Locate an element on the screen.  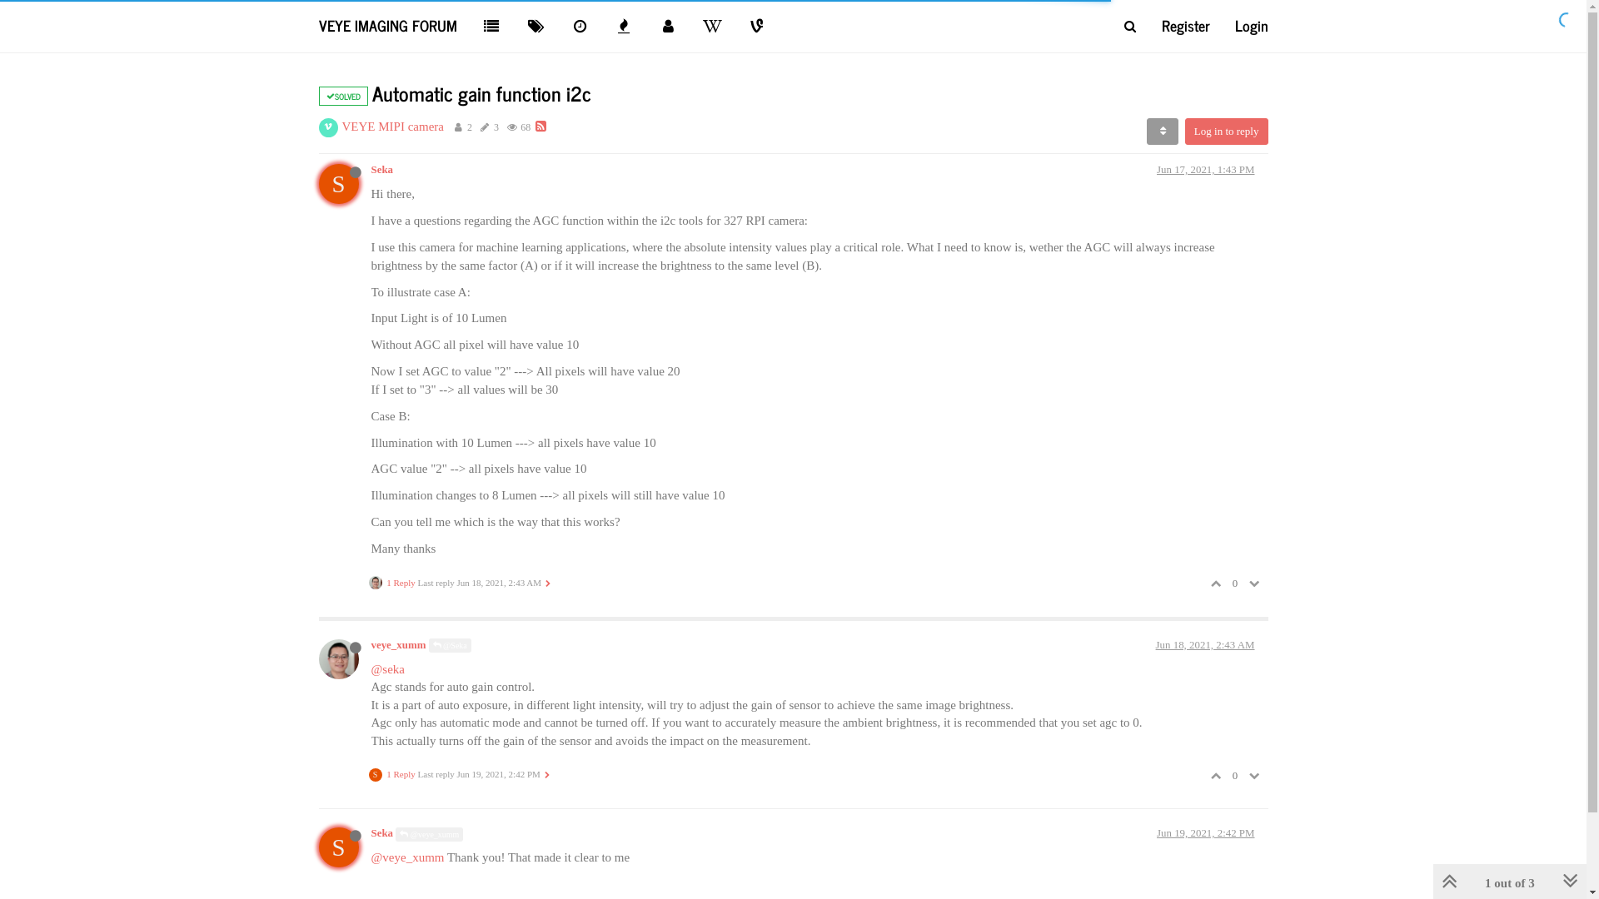
'@veye_xumm' is located at coordinates (429, 834).